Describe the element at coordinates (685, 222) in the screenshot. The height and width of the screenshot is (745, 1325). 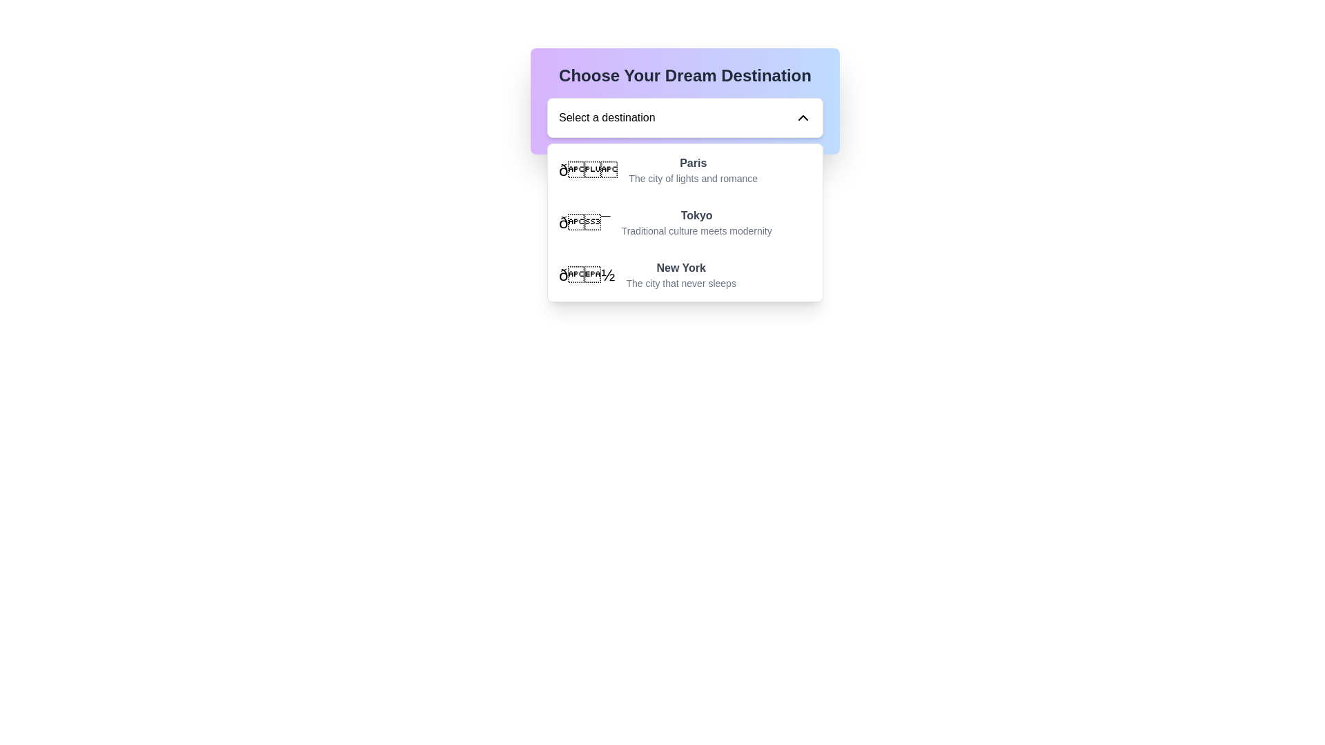
I see `the 'Tokyo' option in the dropdown menu labeled 'Choose Your Dream Destination'` at that location.